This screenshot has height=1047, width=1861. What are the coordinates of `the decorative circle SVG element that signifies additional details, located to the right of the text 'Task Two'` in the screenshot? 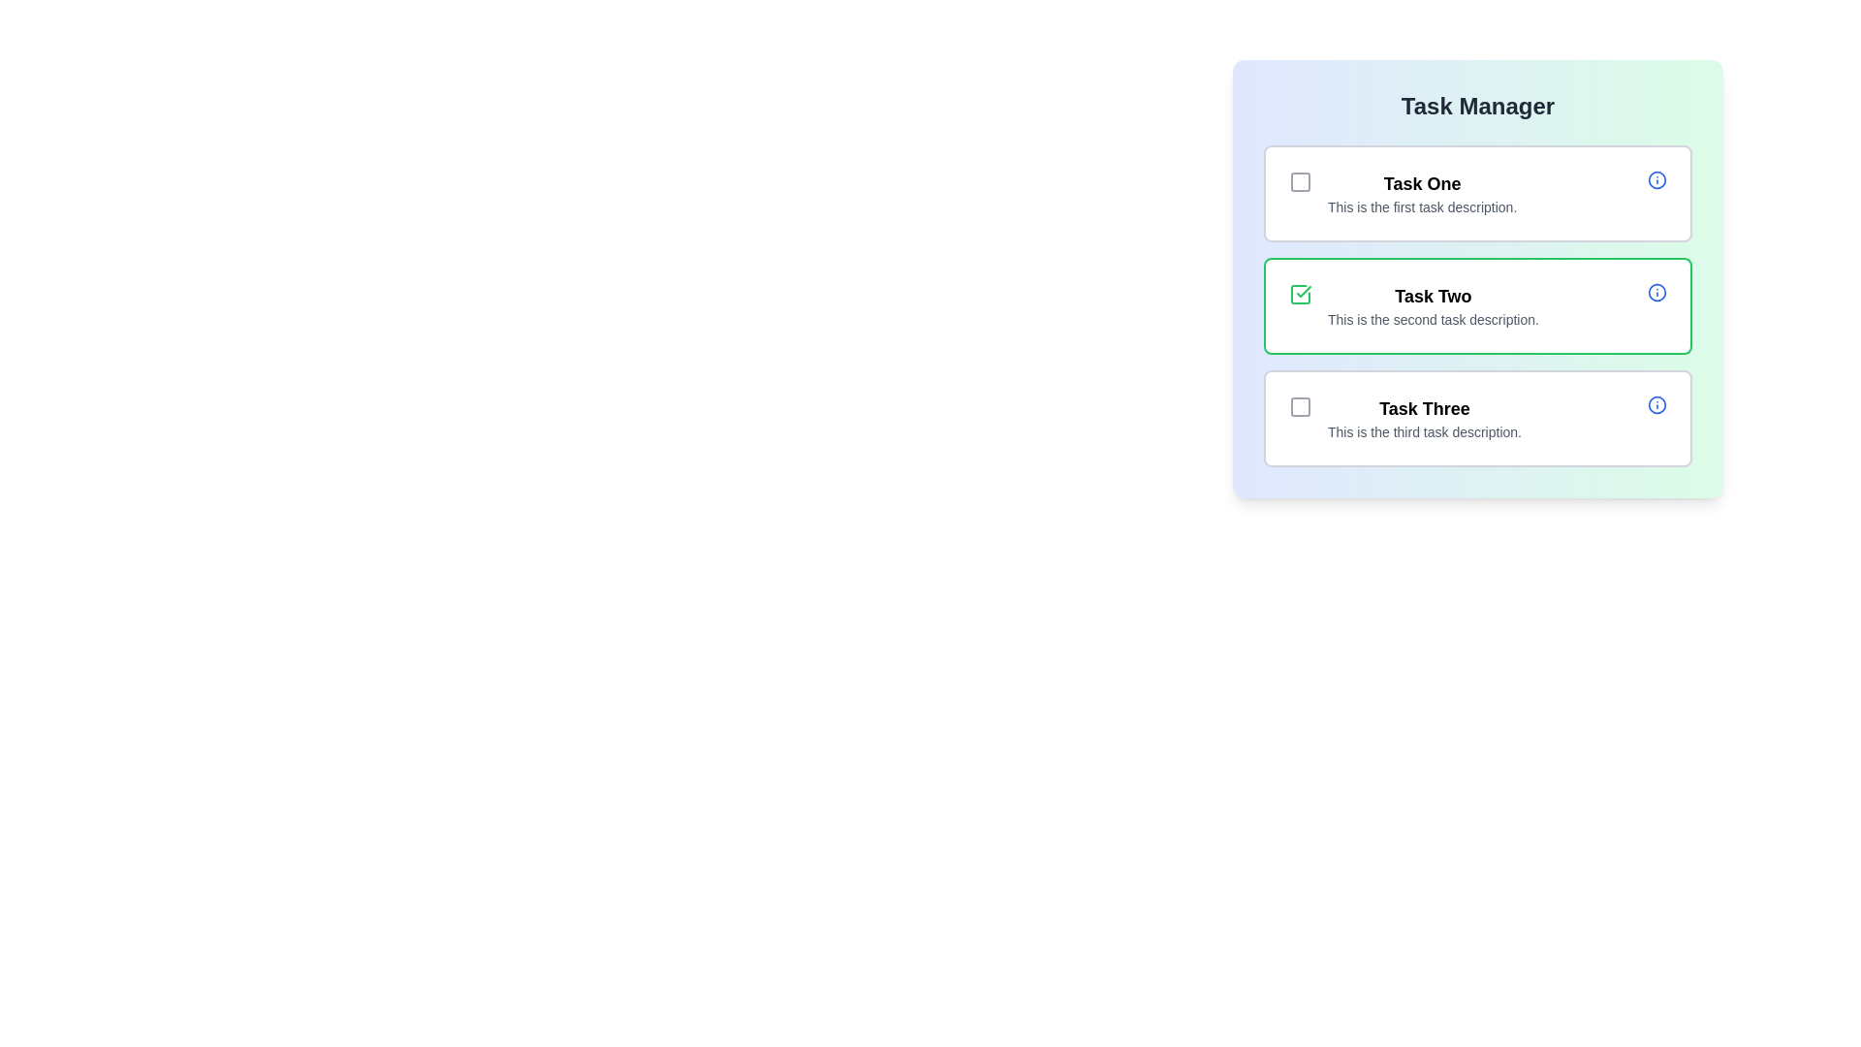 It's located at (1656, 179).